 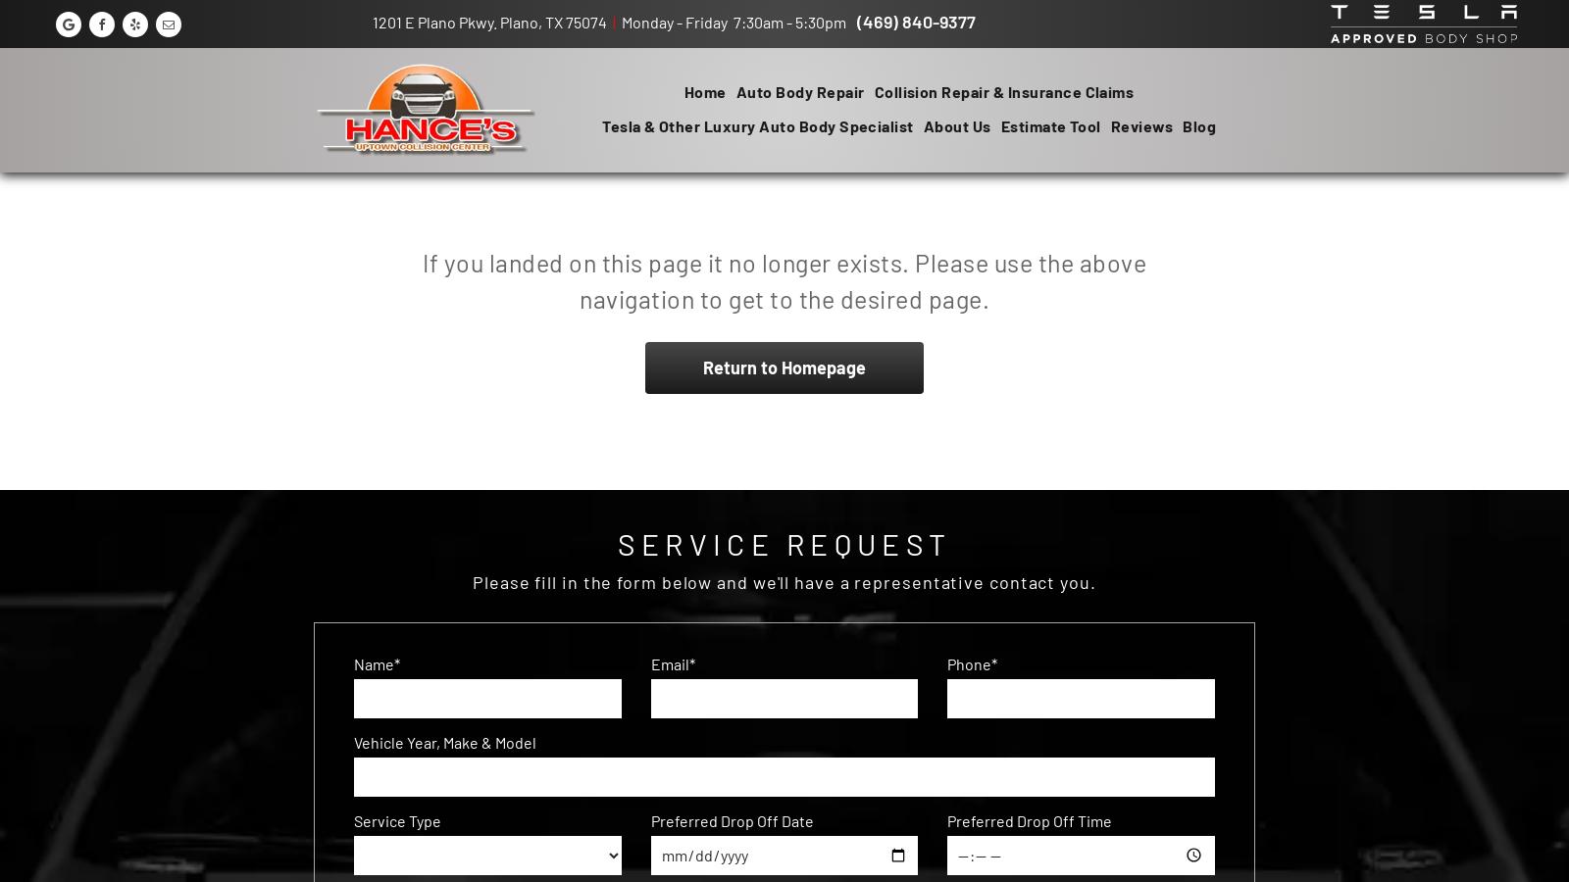 I want to click on 'Please fill in the form below and we'll have a representative contact you.', so click(x=784, y=582).